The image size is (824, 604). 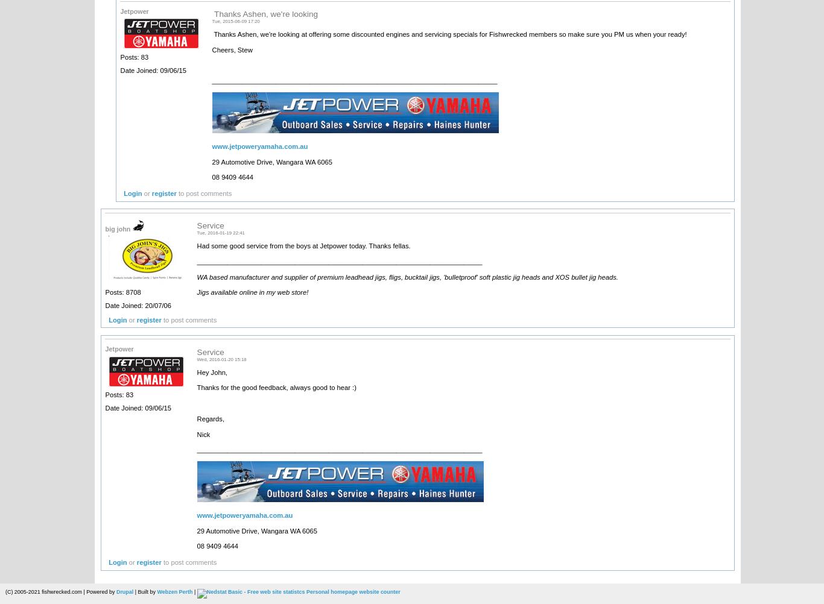 What do you see at coordinates (197, 386) in the screenshot?
I see `'Thanks for the good feedback, always good to hear :)'` at bounding box center [197, 386].